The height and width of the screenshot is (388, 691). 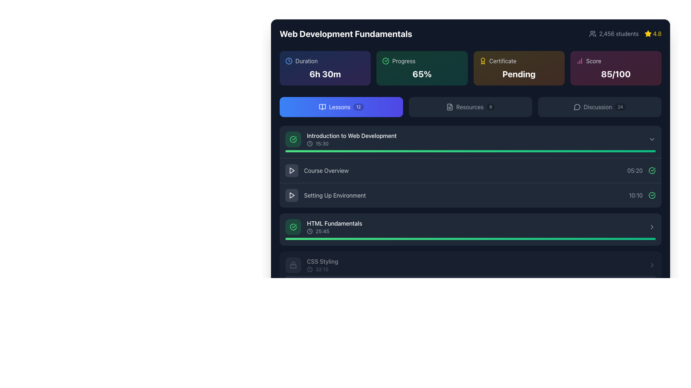 I want to click on text label displaying the time duration '32:15' that is part of the lesson information for 'CSS Styling', located to the right of a clock icon, so click(x=321, y=269).